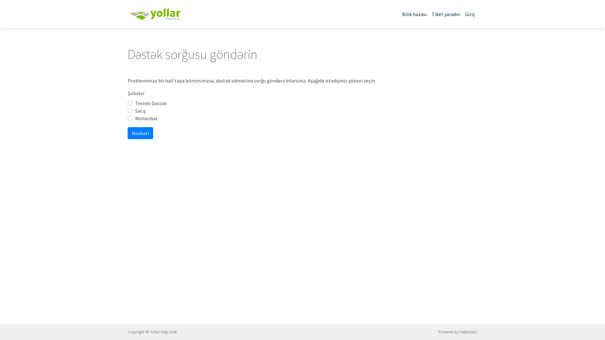  What do you see at coordinates (459, 331) in the screenshot?
I see `'HelpDeskZ'` at bounding box center [459, 331].